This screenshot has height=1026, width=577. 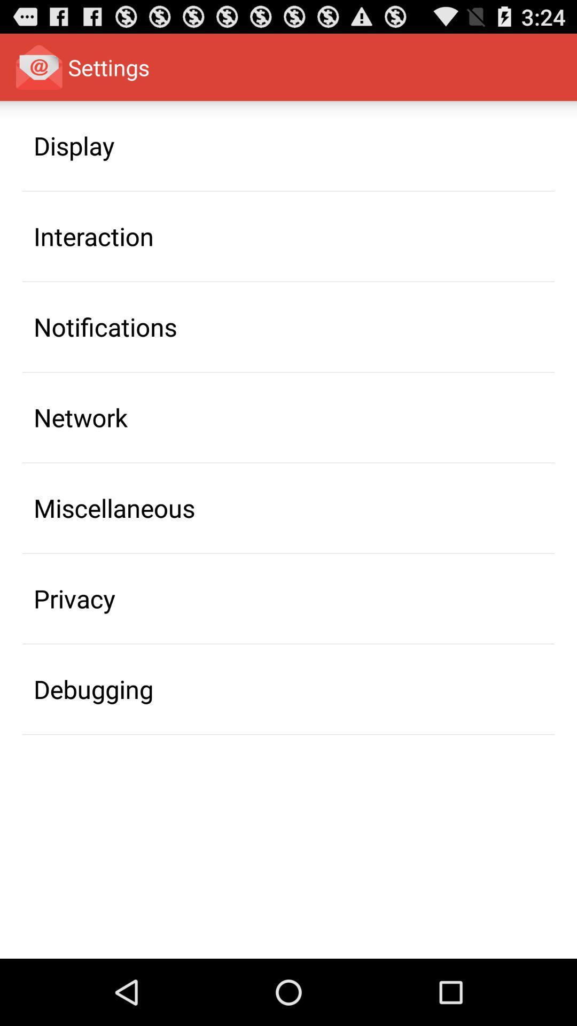 I want to click on the app below notifications app, so click(x=80, y=417).